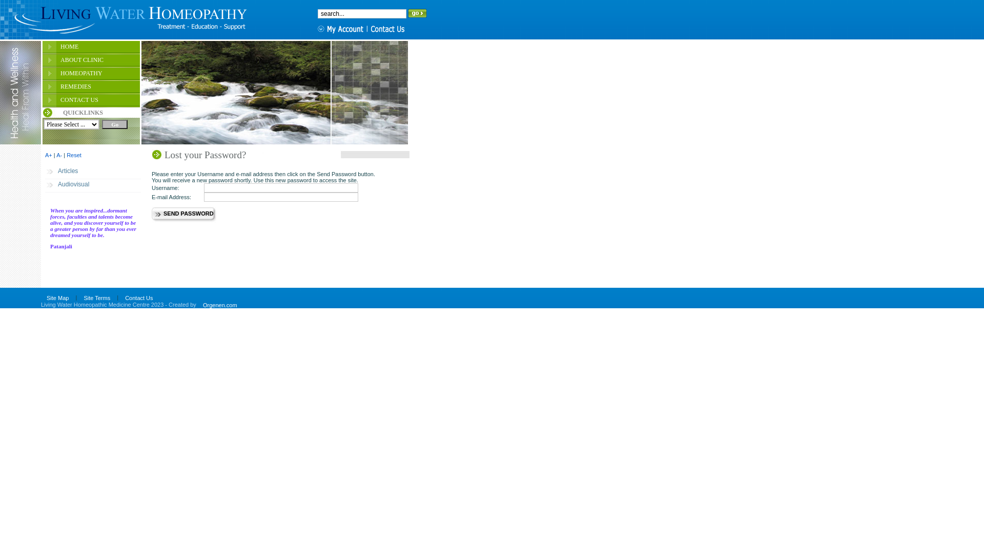  What do you see at coordinates (48, 155) in the screenshot?
I see `'A+'` at bounding box center [48, 155].